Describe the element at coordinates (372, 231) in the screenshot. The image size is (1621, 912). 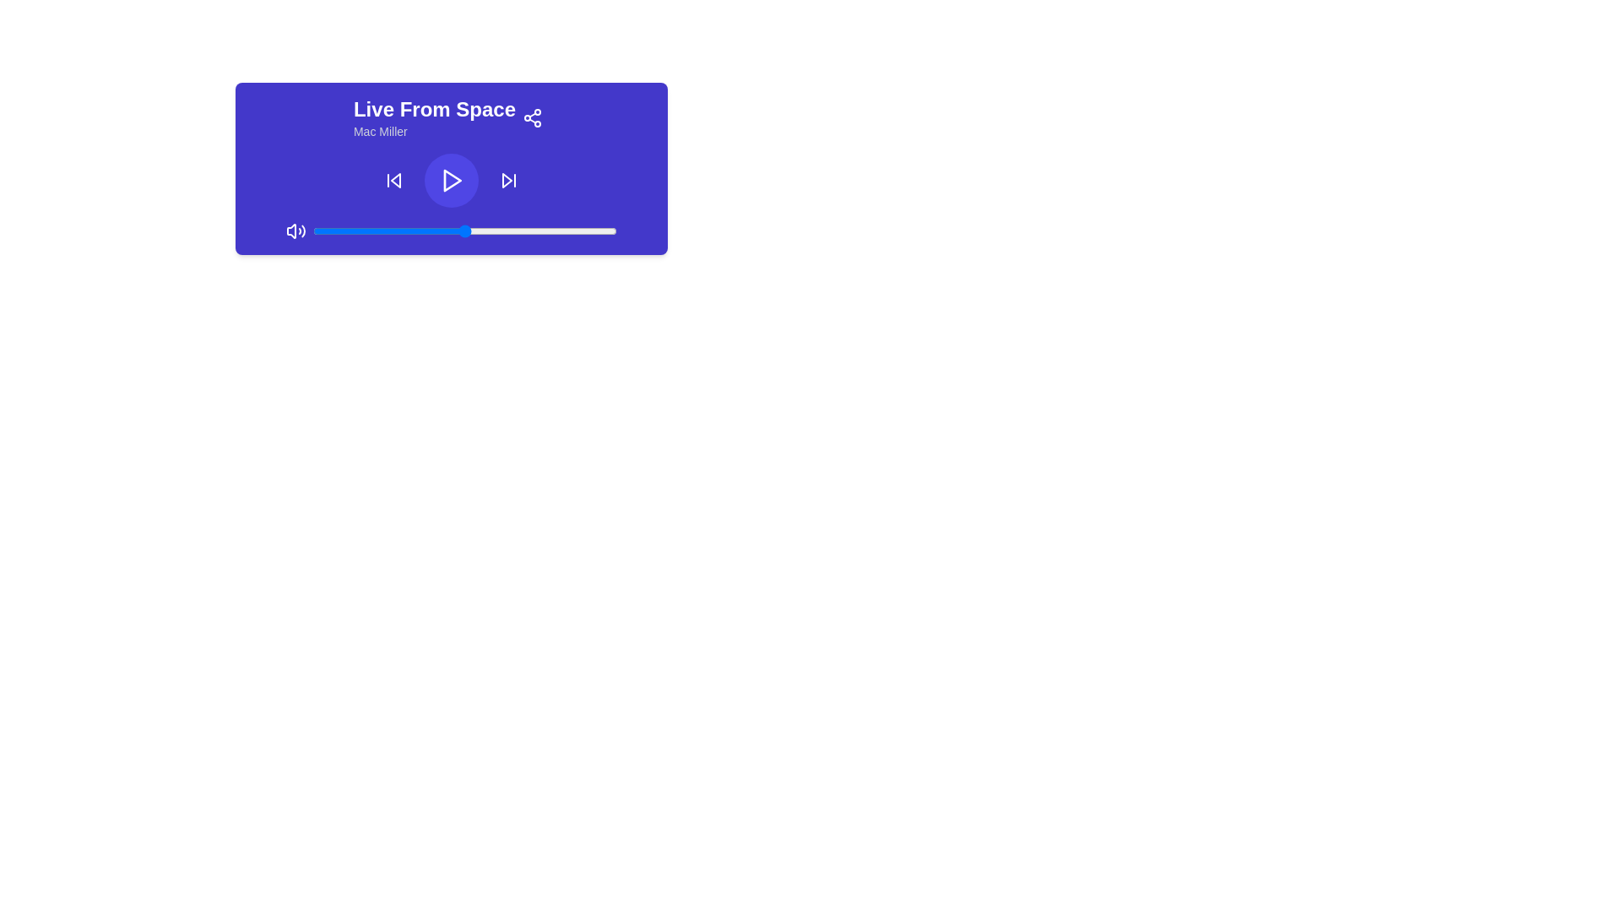
I see `the slider value` at that location.